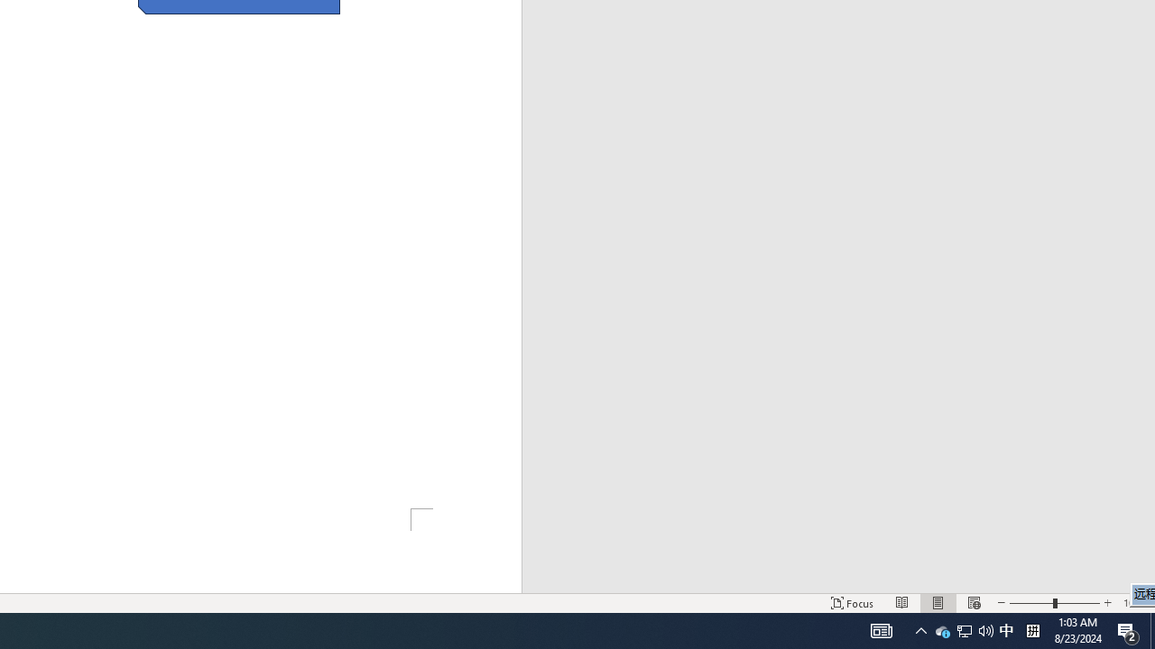 The height and width of the screenshot is (649, 1155). What do you see at coordinates (1134, 603) in the screenshot?
I see `'Zoom 104%'` at bounding box center [1134, 603].